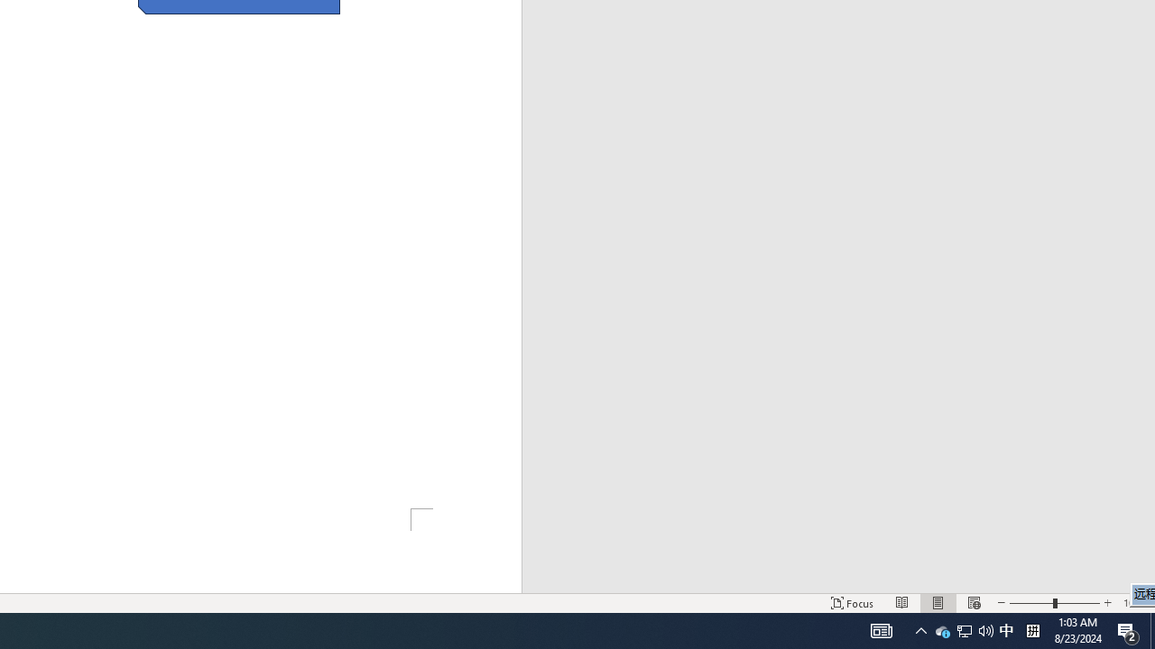 The height and width of the screenshot is (649, 1155). What do you see at coordinates (1134, 603) in the screenshot?
I see `'Zoom 104%'` at bounding box center [1134, 603].